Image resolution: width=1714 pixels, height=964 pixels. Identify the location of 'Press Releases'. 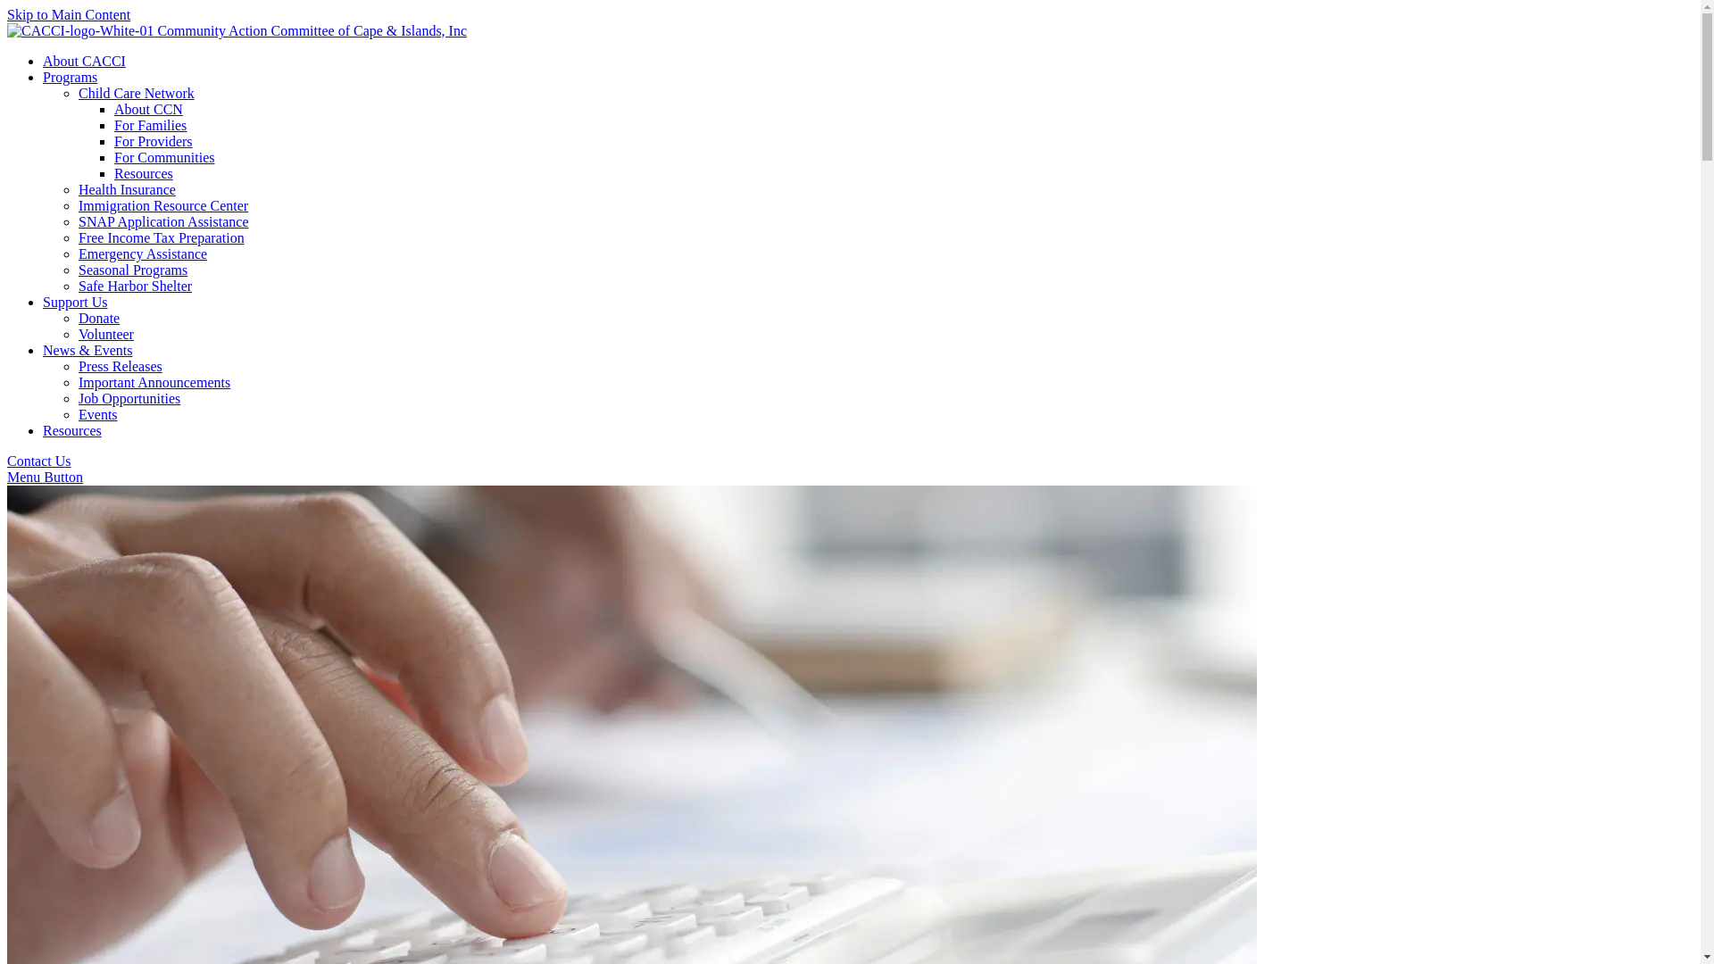
(119, 365).